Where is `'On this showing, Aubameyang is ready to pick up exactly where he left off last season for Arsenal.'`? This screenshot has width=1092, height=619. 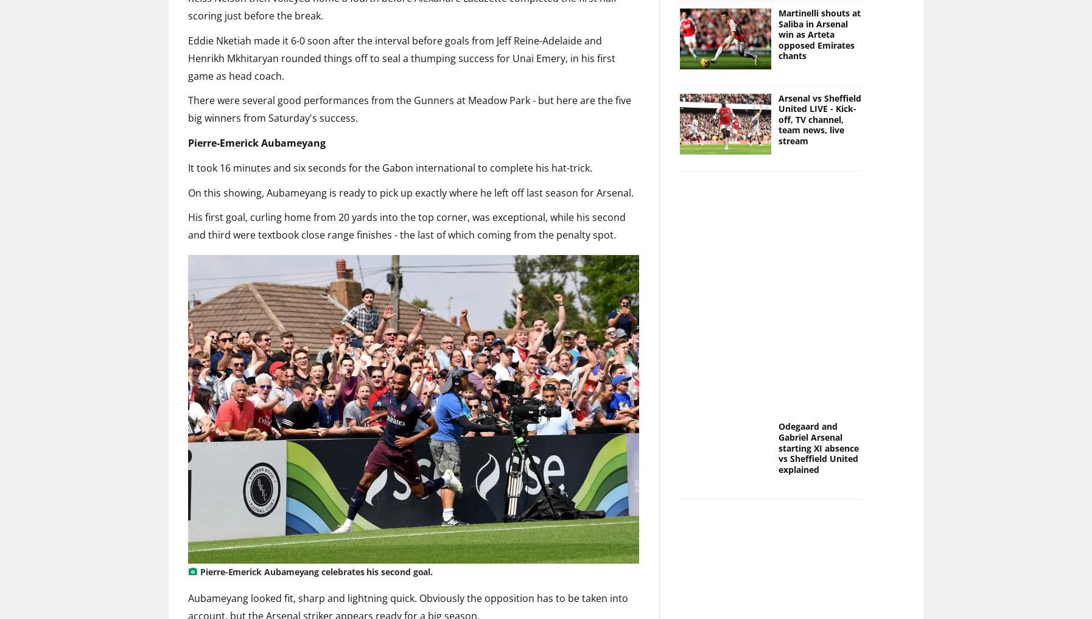 'On this showing, Aubameyang is ready to pick up exactly where he left off last season for Arsenal.' is located at coordinates (411, 192).